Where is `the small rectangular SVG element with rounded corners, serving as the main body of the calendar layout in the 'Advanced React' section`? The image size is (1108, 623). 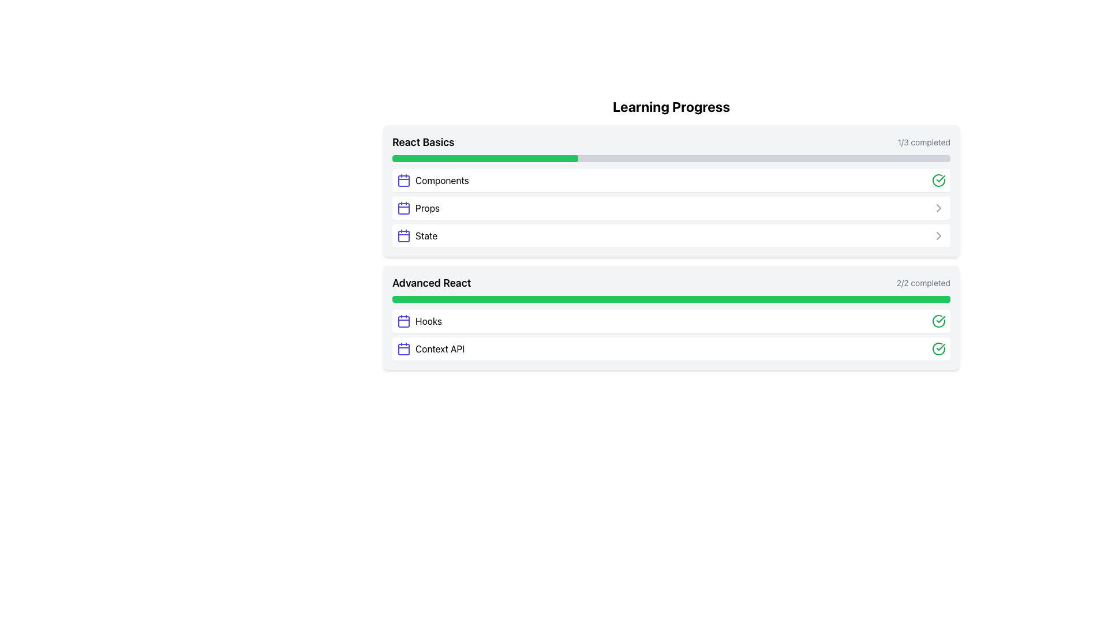
the small rectangular SVG element with rounded corners, serving as the main body of the calendar layout in the 'Advanced React' section is located at coordinates (404, 322).